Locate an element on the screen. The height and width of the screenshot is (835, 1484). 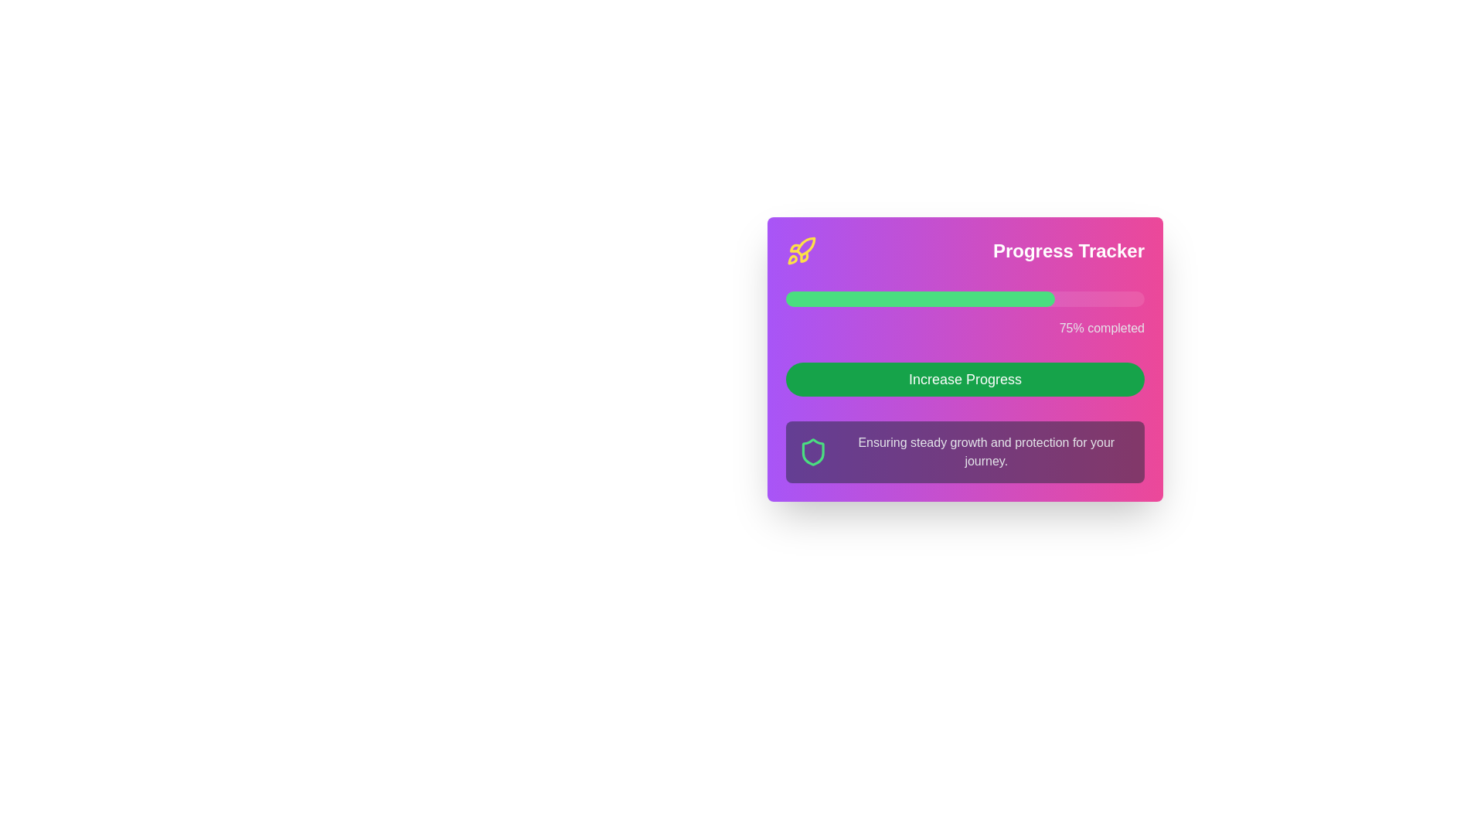
the 'Increase Progress' button, which is a green rectangular button with white text, located within the 'Progress Tracker' panel is located at coordinates (964, 379).